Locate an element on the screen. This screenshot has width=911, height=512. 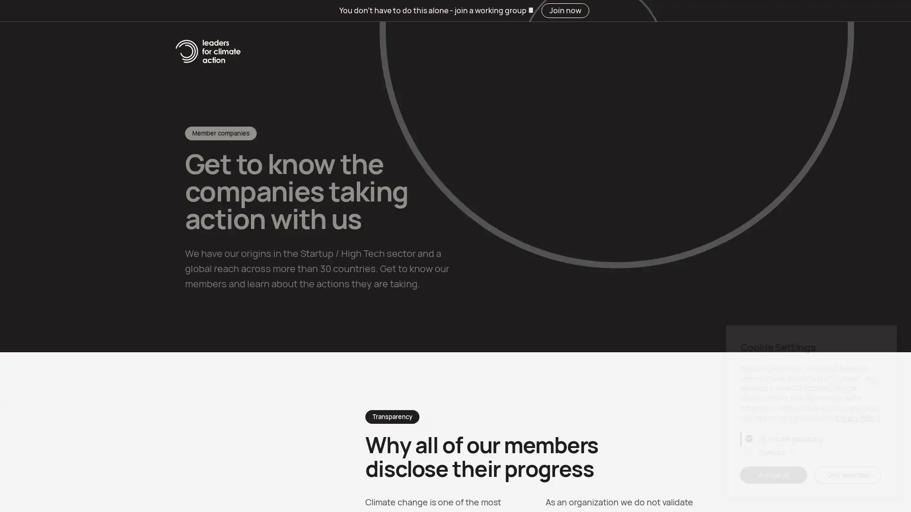
Only selected is located at coordinates (847, 475).